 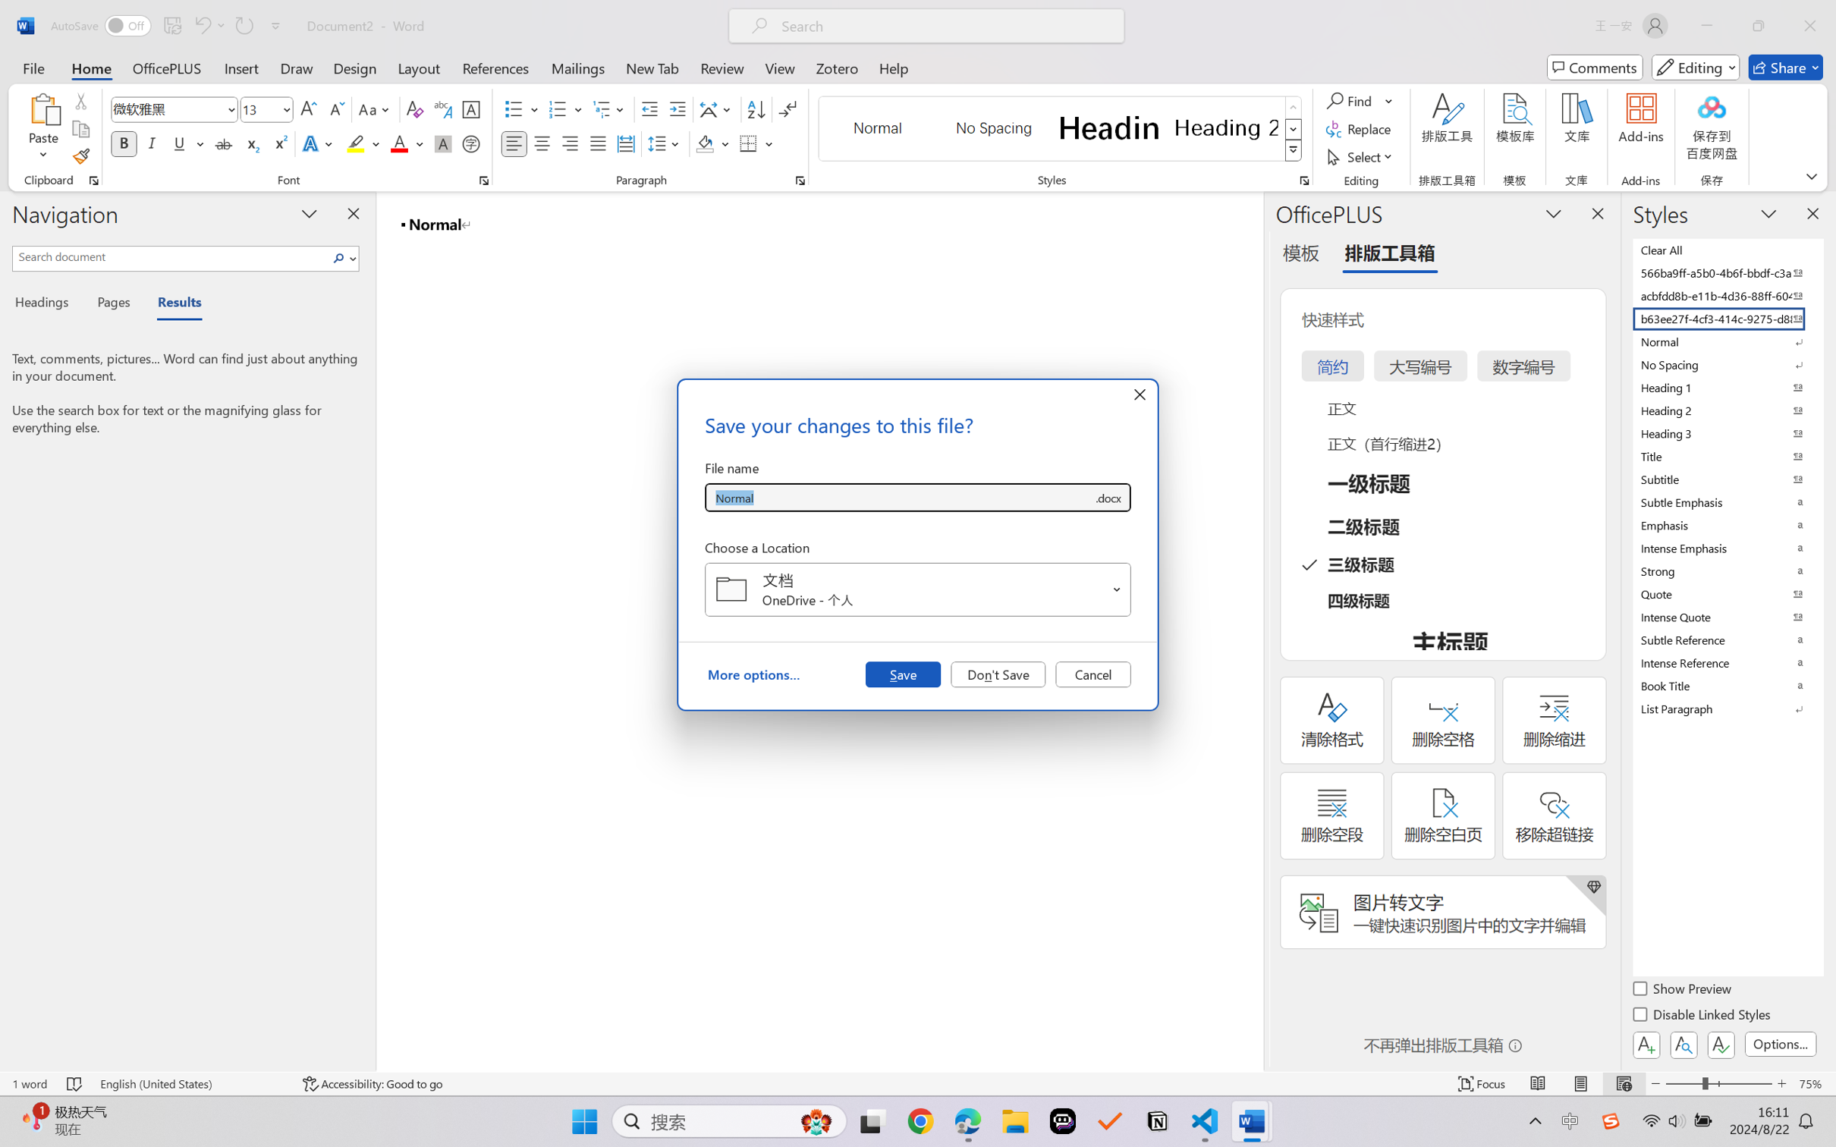 What do you see at coordinates (297, 67) in the screenshot?
I see `'Draw'` at bounding box center [297, 67].